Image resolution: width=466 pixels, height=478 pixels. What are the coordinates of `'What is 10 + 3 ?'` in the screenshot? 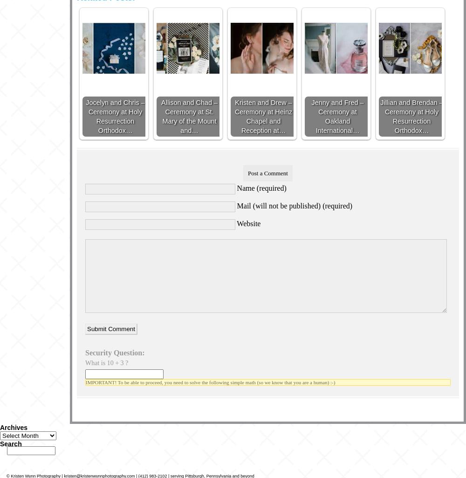 It's located at (106, 362).